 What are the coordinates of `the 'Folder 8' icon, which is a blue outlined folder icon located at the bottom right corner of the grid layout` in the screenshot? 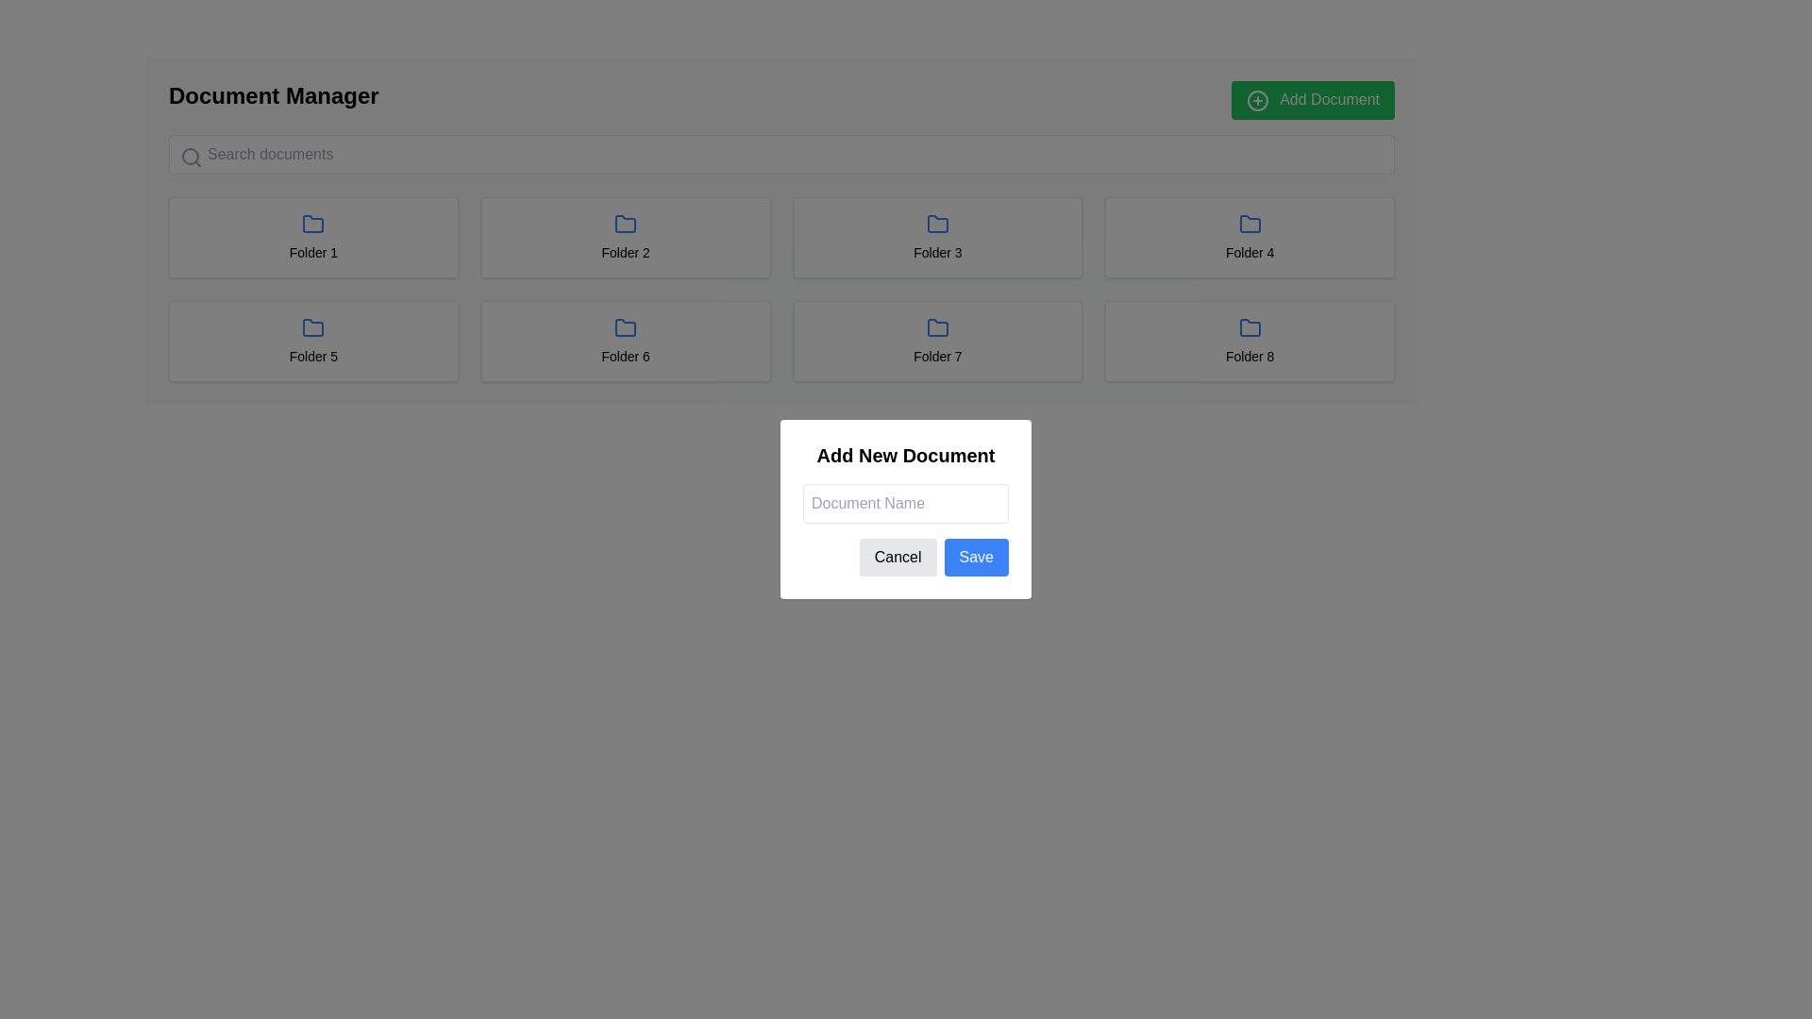 It's located at (1250, 326).